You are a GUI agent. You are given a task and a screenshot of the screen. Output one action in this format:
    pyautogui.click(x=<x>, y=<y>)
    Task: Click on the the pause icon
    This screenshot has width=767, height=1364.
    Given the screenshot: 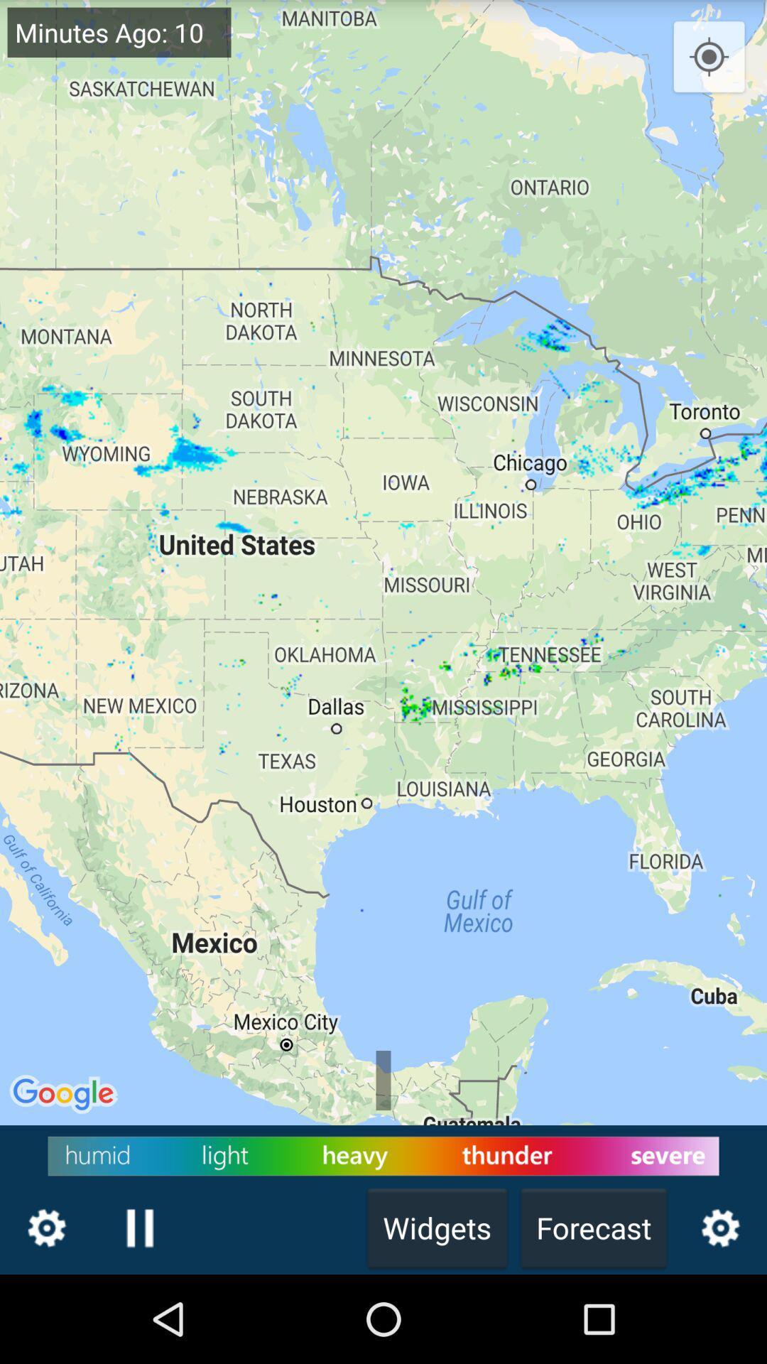 What is the action you would take?
    pyautogui.click(x=139, y=1313)
    